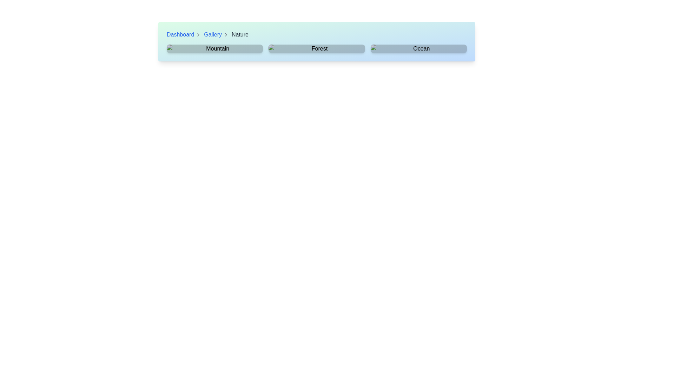 This screenshot has width=674, height=379. I want to click on the first breadcrumb link with icon that navigates back to the 'Dashboard' section, so click(184, 35).